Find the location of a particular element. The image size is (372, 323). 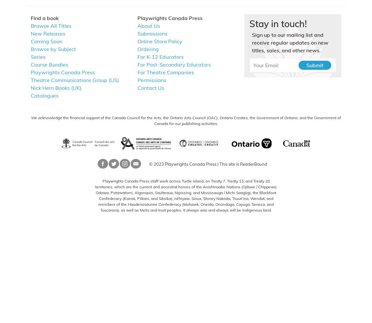

'Browse All Titles' is located at coordinates (51, 25).